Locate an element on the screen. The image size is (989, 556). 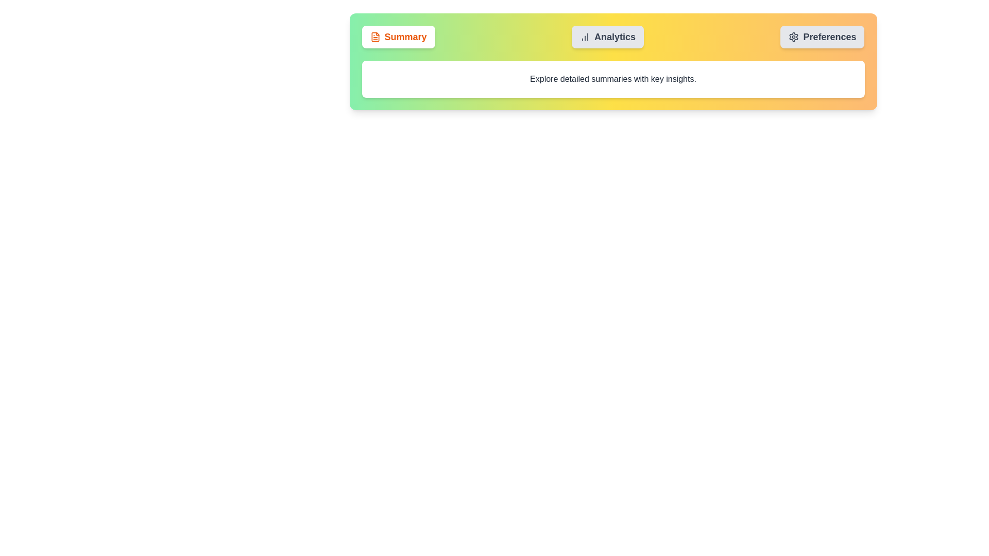
the 'Summary' text label, which is a bold orange label located to the right of a document icon in the top-left area of the interface is located at coordinates (405, 37).